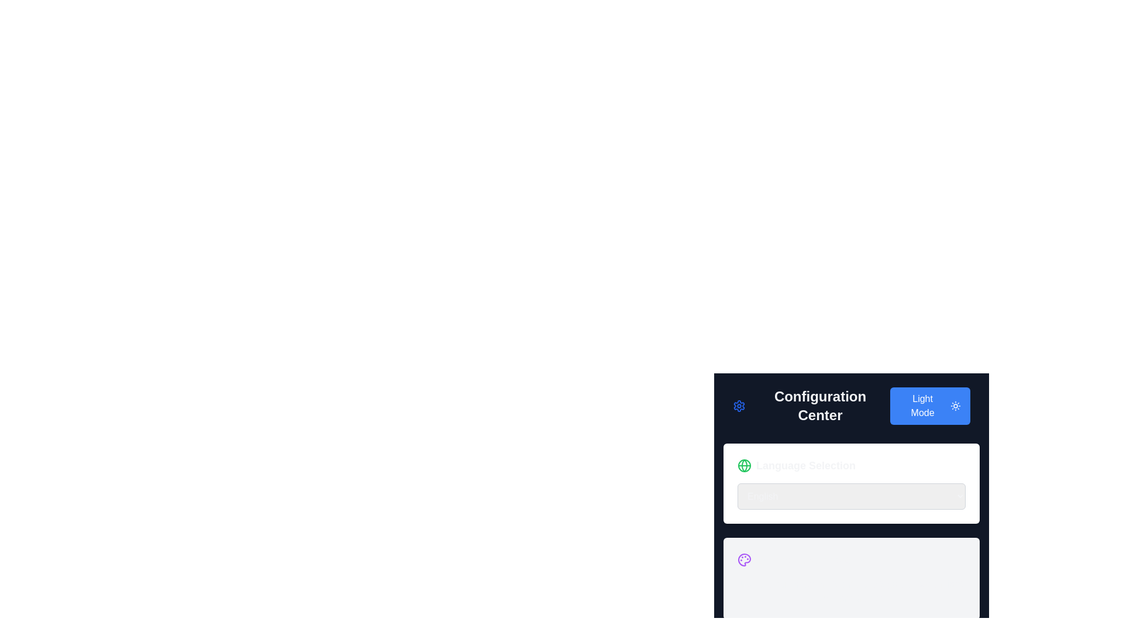 The height and width of the screenshot is (632, 1123). I want to click on the dropdown menu labeled 'Language Selection' in the 'Configuration Center' interface, so click(851, 496).